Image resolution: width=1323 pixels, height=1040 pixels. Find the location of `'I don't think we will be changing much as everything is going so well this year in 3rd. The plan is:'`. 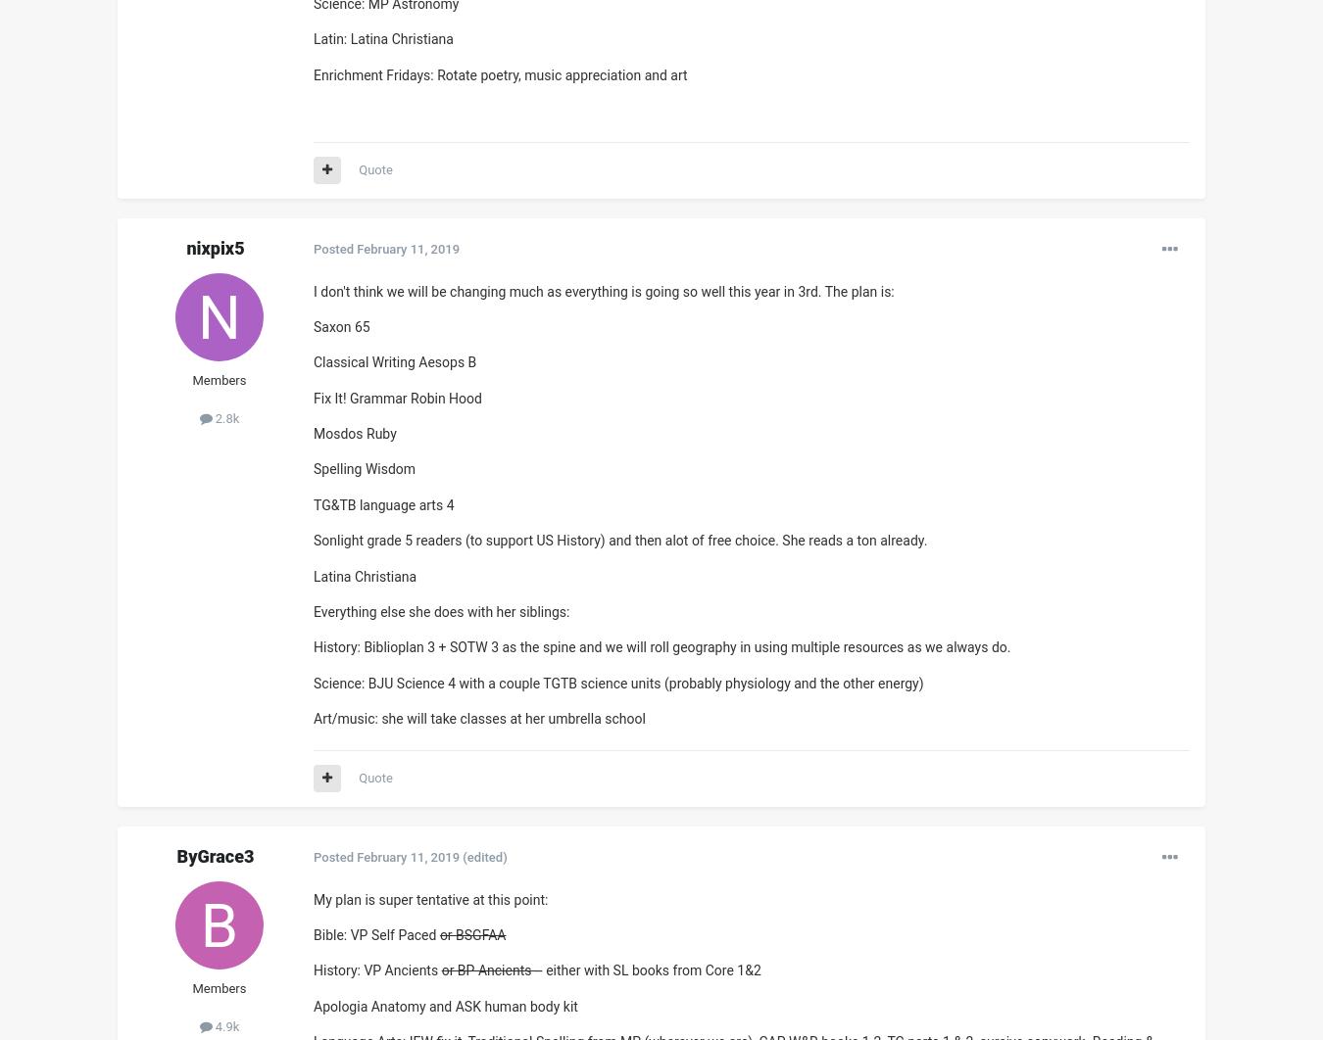

'I don't think we will be changing much as everything is going so well this year in 3rd. The plan is:' is located at coordinates (604, 290).